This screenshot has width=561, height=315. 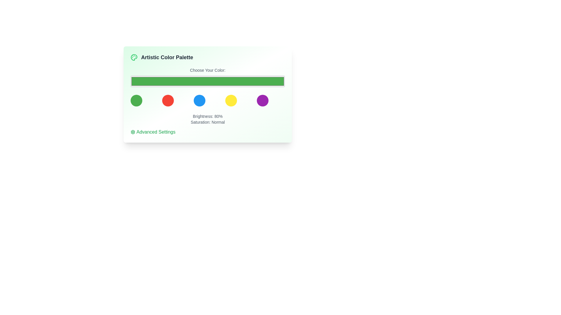 What do you see at coordinates (133, 132) in the screenshot?
I see `the gear-shaped settings icon located to the left of the 'Advanced Settings' text` at bounding box center [133, 132].